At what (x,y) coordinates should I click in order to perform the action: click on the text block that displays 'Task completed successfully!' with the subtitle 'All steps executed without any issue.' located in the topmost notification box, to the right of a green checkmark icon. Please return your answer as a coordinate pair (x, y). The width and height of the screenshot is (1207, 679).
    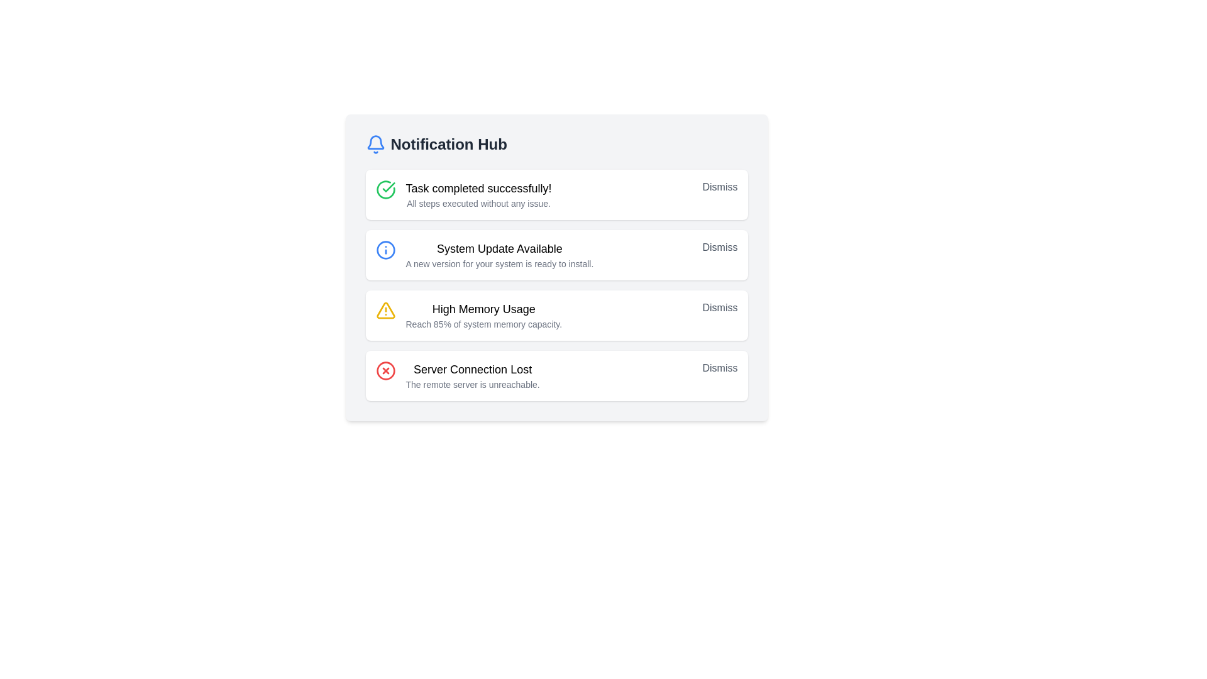
    Looking at the image, I should click on (478, 194).